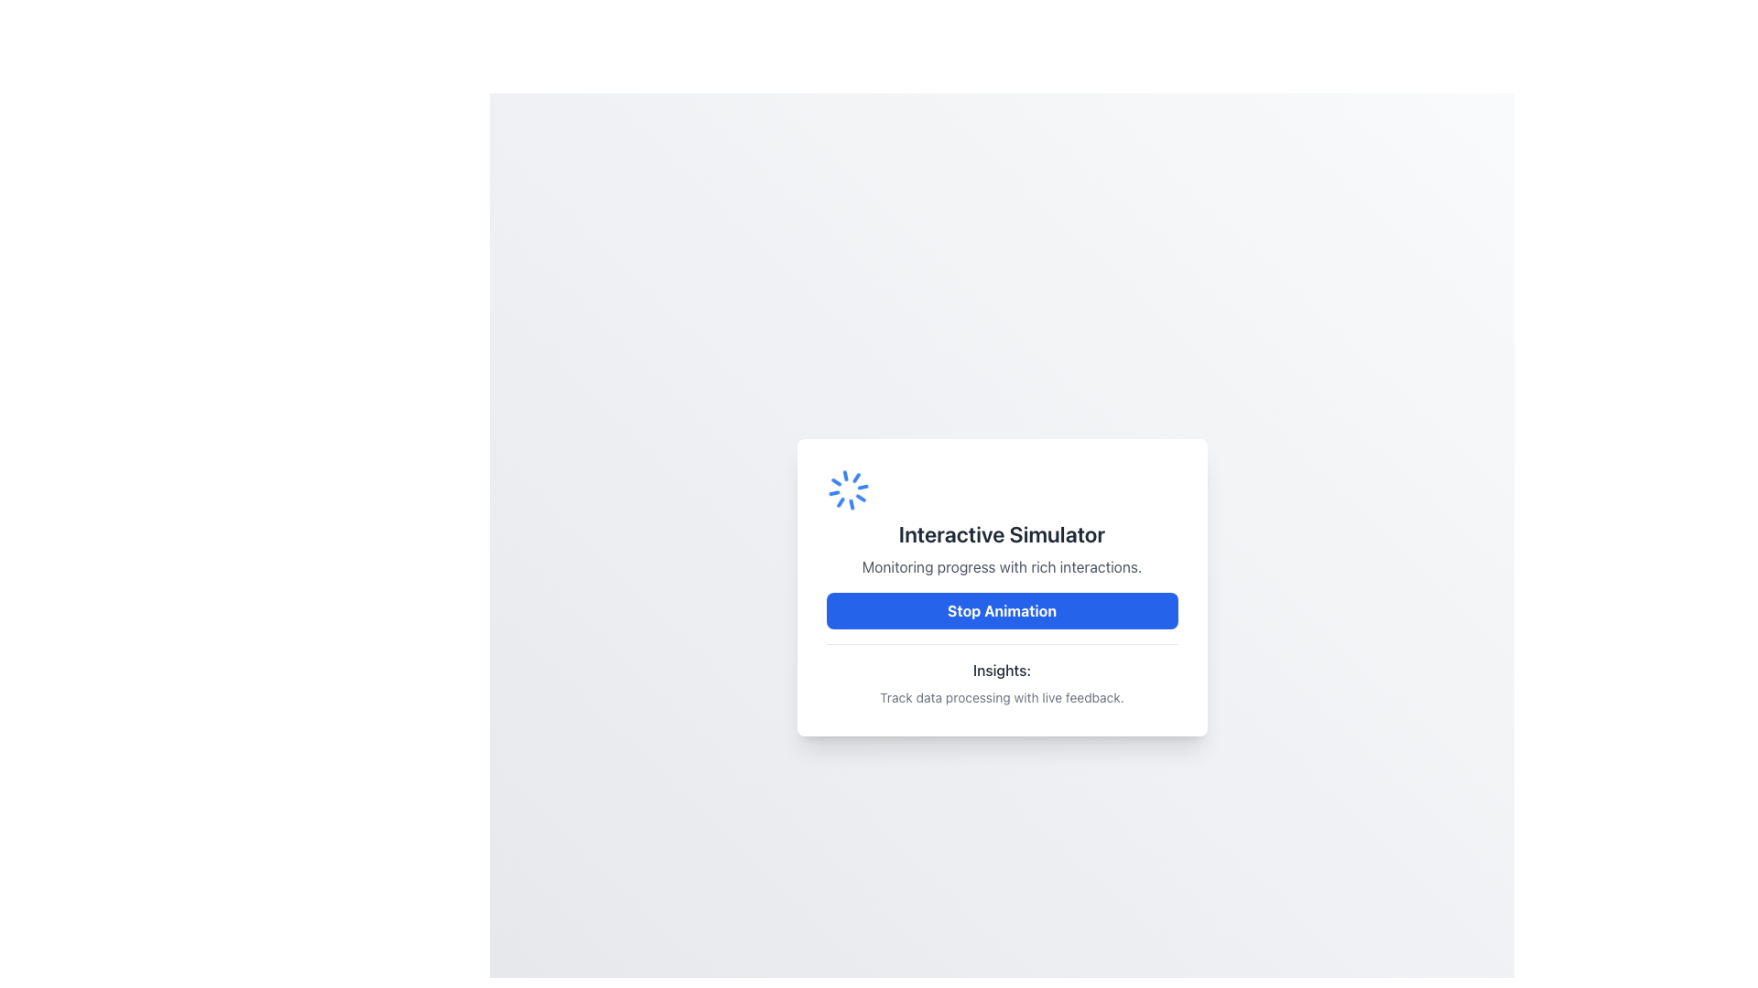 This screenshot has width=1758, height=988. What do you see at coordinates (1001, 522) in the screenshot?
I see `the header element containing the title 'Interactive Simulator' and the description 'Monitoring progress with rich interactions.'` at bounding box center [1001, 522].